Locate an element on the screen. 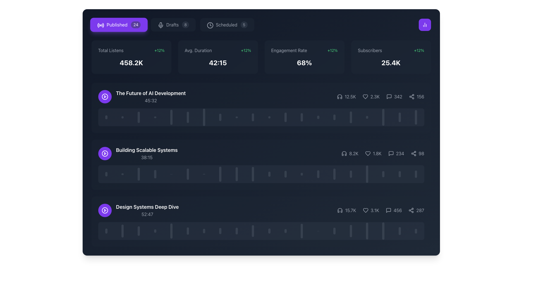 The height and width of the screenshot is (301, 536). the text element displaying the count '456', which represents the number of comments or messages is located at coordinates (393, 210).